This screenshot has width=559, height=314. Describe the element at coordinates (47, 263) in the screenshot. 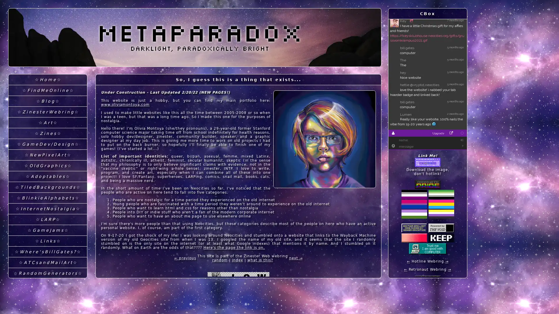

I see `A T C s a n d M a i l A r t` at that location.